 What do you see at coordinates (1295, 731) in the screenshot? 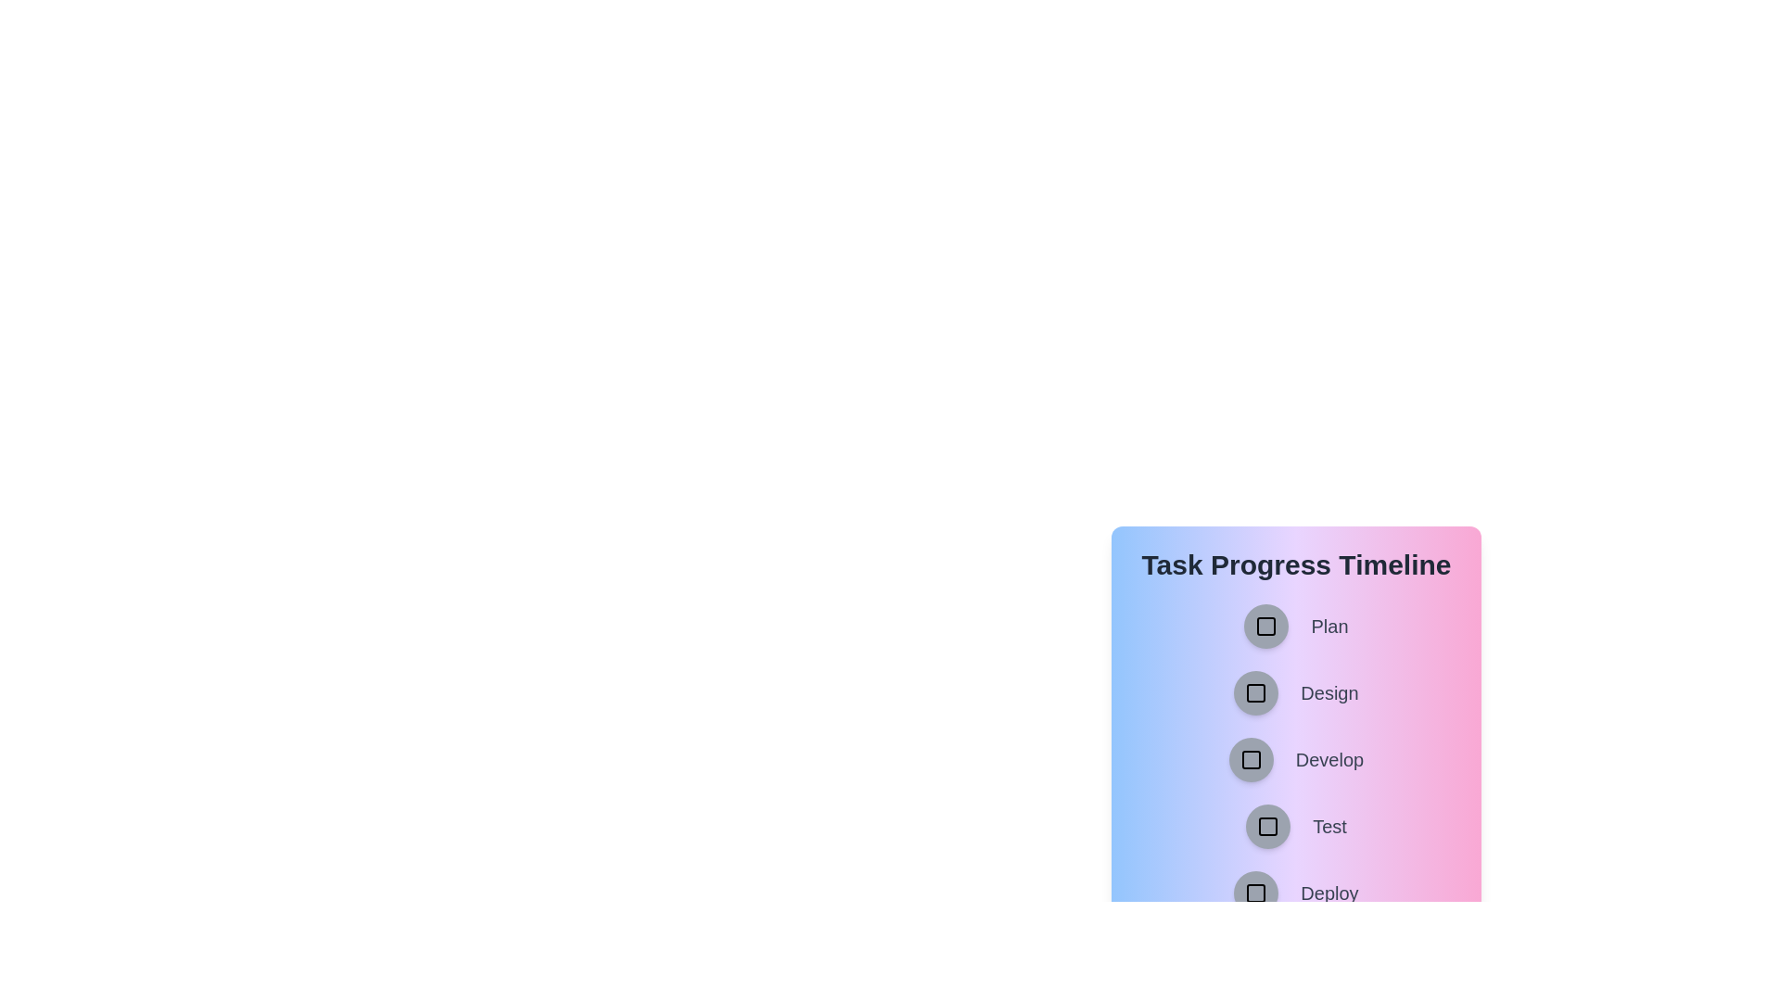
I see `the background area of the TaskProgressTimeline component` at bounding box center [1295, 731].